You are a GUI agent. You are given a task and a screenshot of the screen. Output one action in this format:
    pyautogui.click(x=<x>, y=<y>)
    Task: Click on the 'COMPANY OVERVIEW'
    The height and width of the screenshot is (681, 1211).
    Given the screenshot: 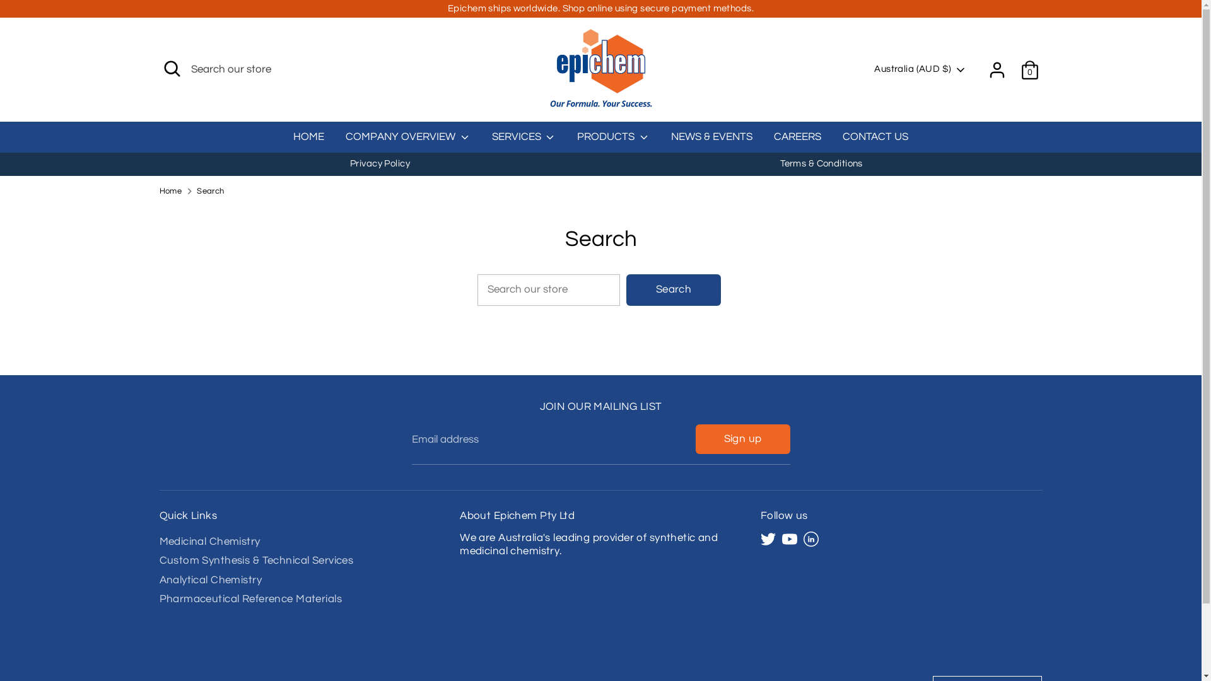 What is the action you would take?
    pyautogui.click(x=336, y=141)
    